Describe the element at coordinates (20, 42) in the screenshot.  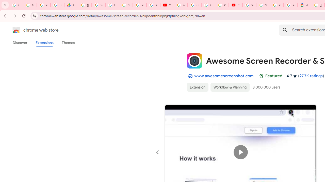
I see `'Discover'` at that location.